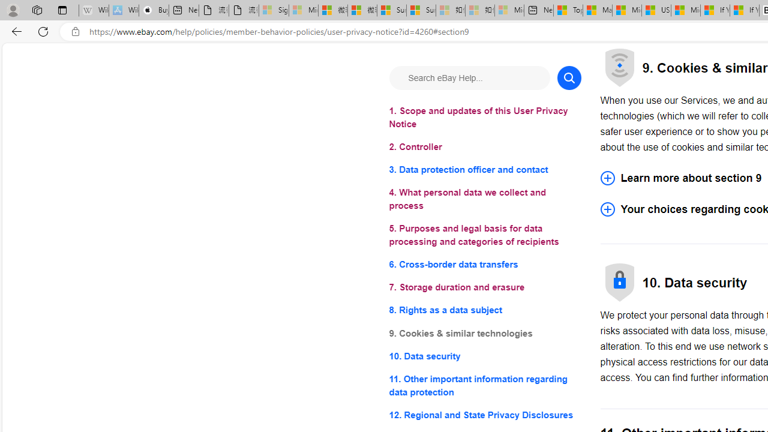 This screenshot has height=432, width=768. Describe the element at coordinates (485, 310) in the screenshot. I see `'8. Rights as a data subject'` at that location.